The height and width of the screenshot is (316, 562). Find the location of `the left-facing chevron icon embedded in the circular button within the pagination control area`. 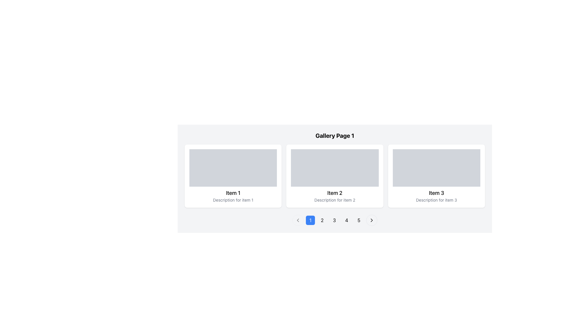

the left-facing chevron icon embedded in the circular button within the pagination control area is located at coordinates (298, 220).